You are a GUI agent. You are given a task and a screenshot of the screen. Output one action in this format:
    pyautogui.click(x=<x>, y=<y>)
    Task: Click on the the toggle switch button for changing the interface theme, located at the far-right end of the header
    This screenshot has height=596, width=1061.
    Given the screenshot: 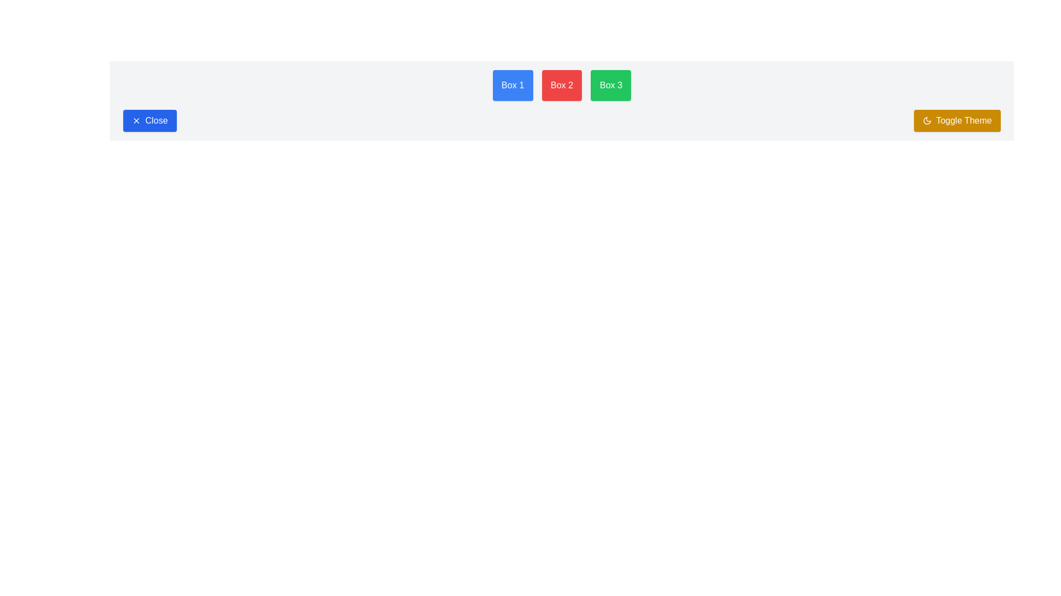 What is the action you would take?
    pyautogui.click(x=957, y=121)
    